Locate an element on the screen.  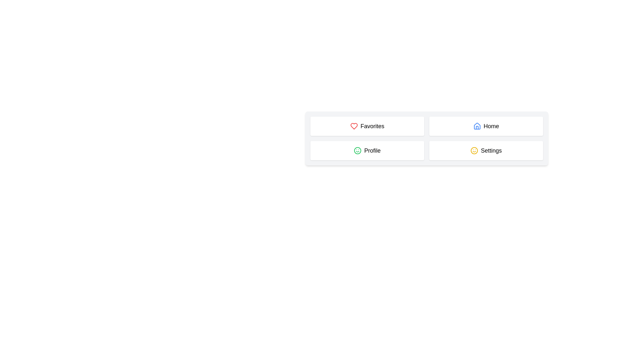
the 'Profile' button, which has a white rounded rectangular shape, a green circle with a smiling face icon on the left, and bold text on the right is located at coordinates (367, 151).